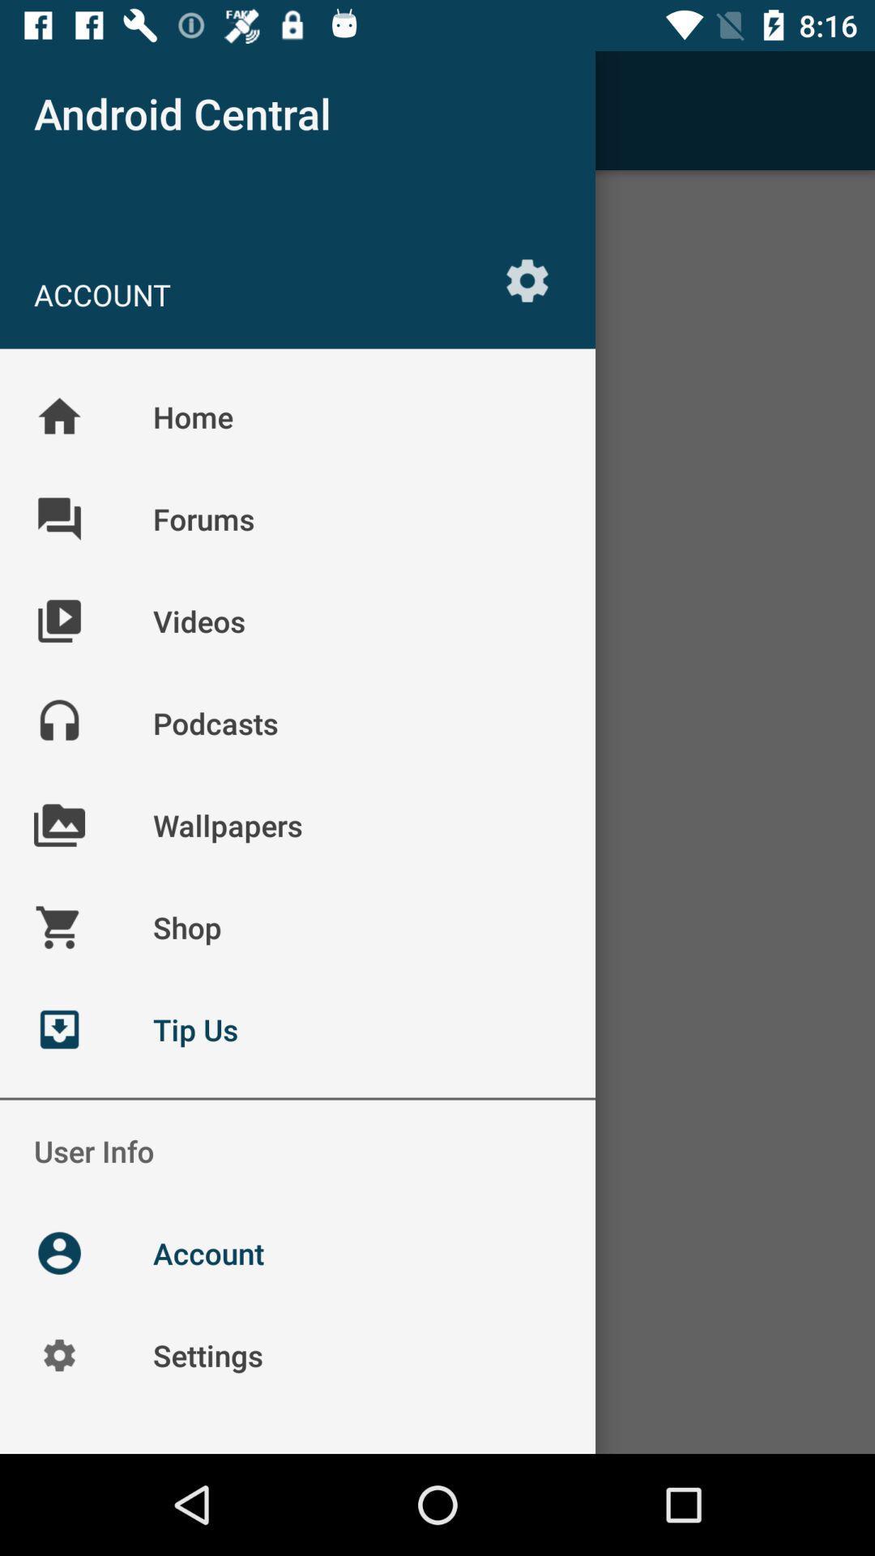  Describe the element at coordinates (527, 280) in the screenshot. I see `item next to account icon` at that location.